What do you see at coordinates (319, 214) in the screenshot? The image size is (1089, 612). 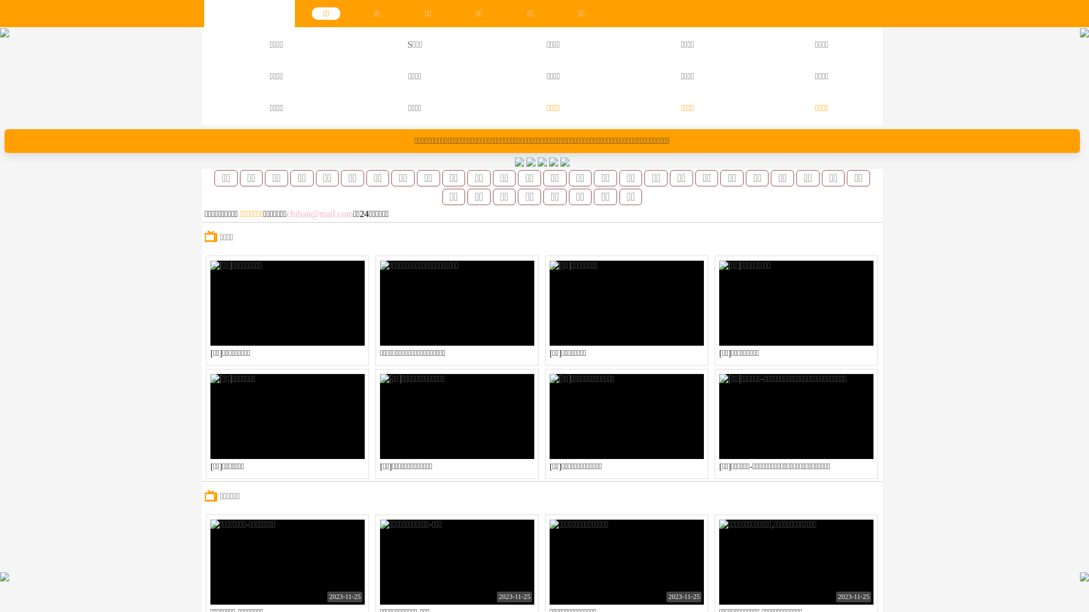 I see `'chihan@mail.com'` at bounding box center [319, 214].